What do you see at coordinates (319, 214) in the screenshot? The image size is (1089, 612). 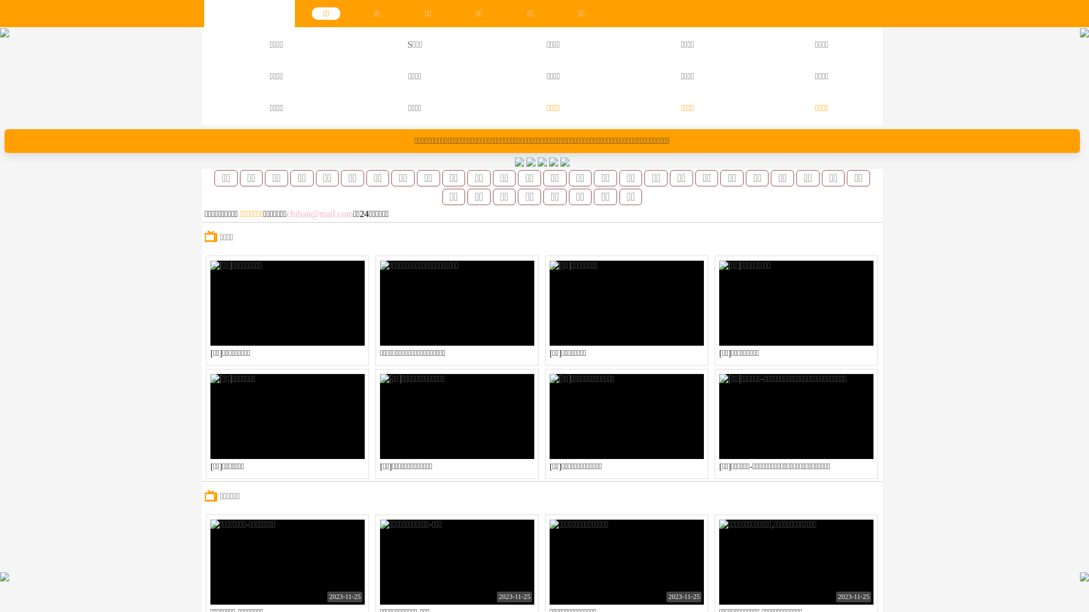 I see `'chihan@mail.com'` at bounding box center [319, 214].